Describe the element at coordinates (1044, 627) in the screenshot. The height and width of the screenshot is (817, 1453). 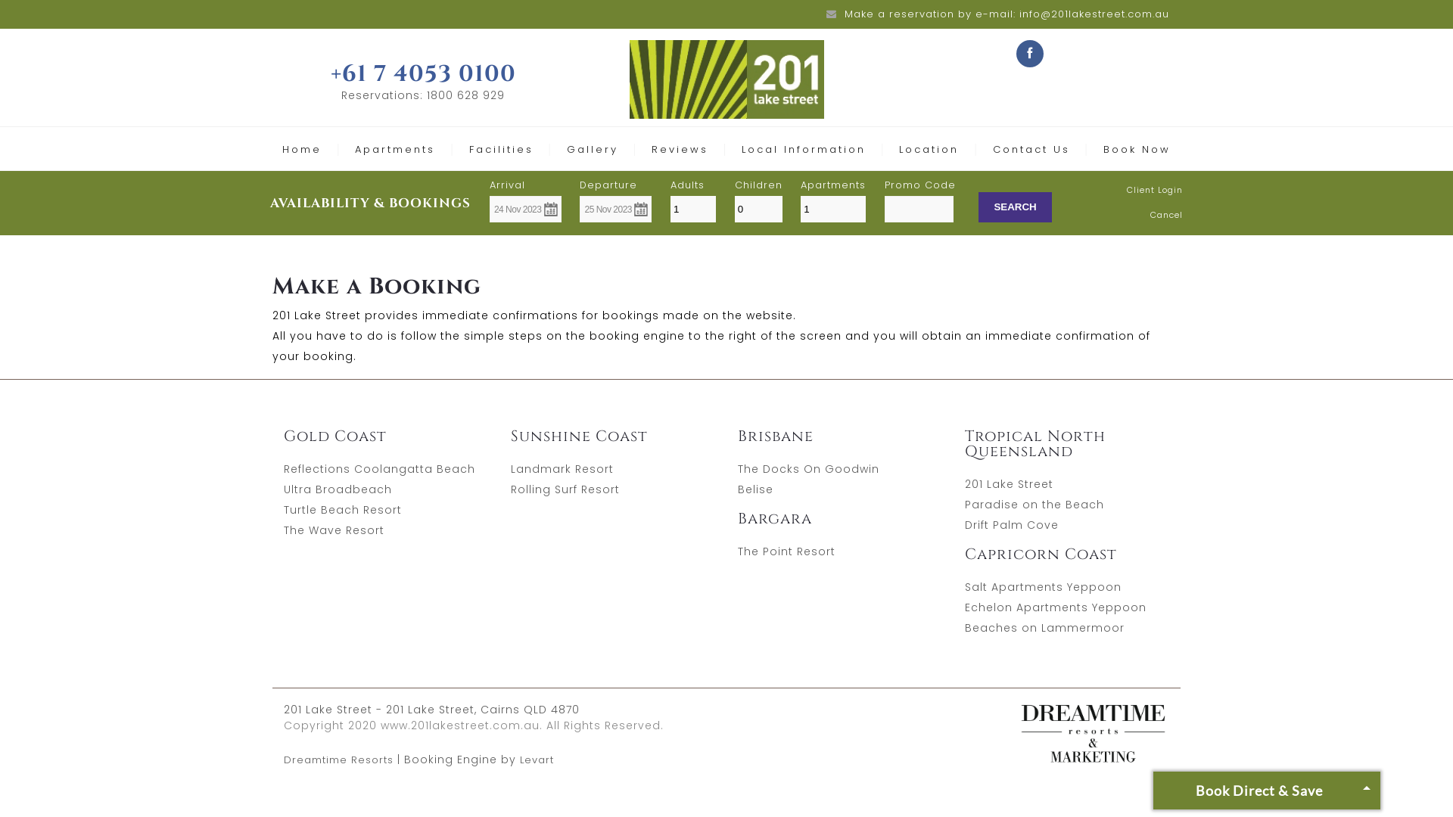
I see `'Beaches on Lammermoor'` at that location.